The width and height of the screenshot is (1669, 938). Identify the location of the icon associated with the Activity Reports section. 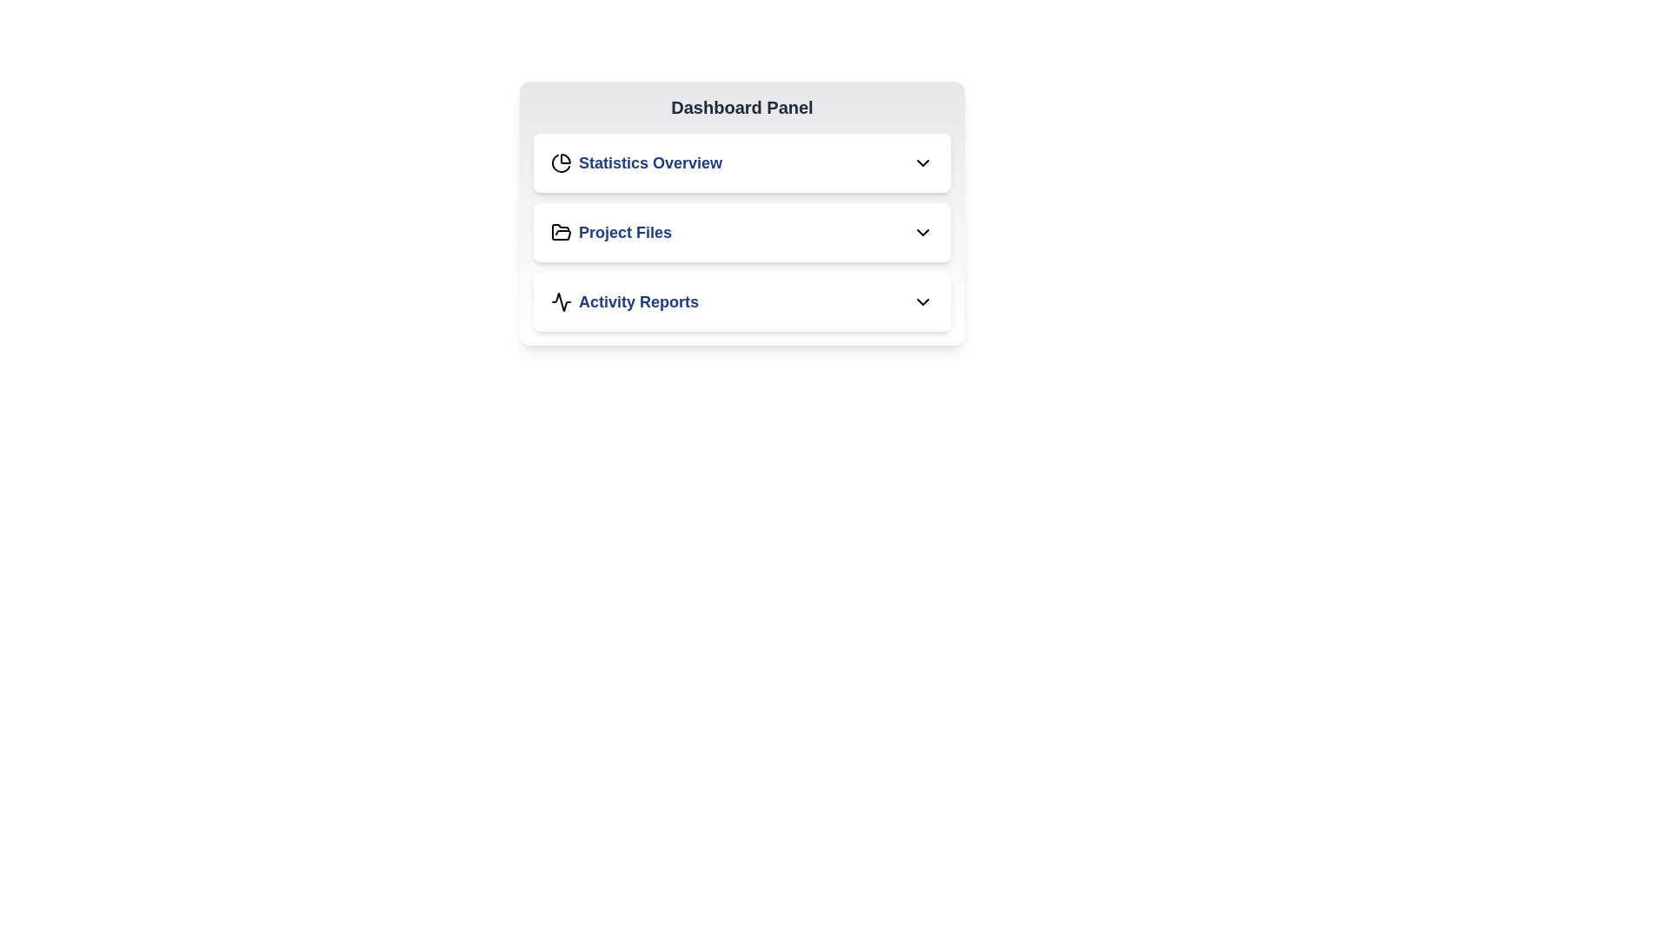
(562, 301).